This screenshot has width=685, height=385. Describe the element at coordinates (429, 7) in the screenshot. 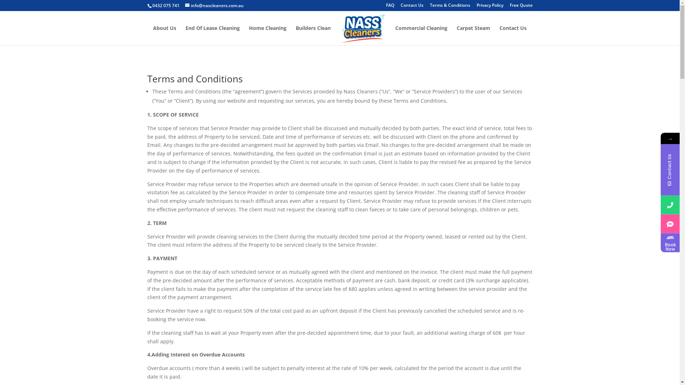

I see `'Terms & Conditions'` at that location.